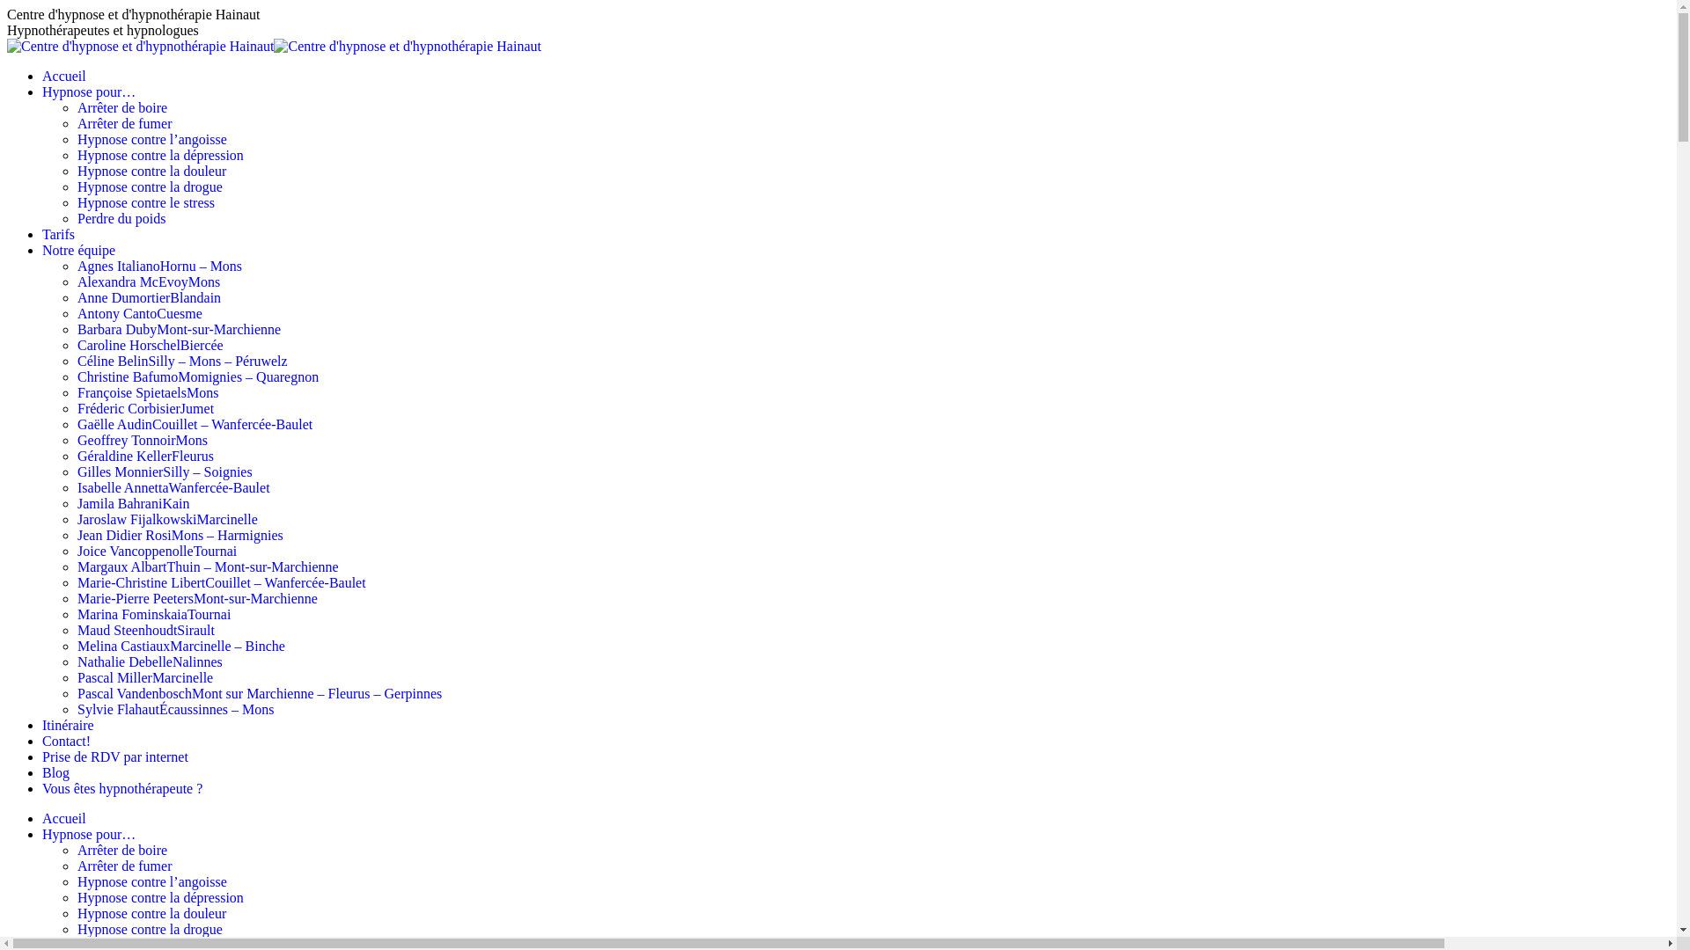 This screenshot has height=950, width=1690. I want to click on 'Nathalie DebelleNalinnes', so click(150, 661).